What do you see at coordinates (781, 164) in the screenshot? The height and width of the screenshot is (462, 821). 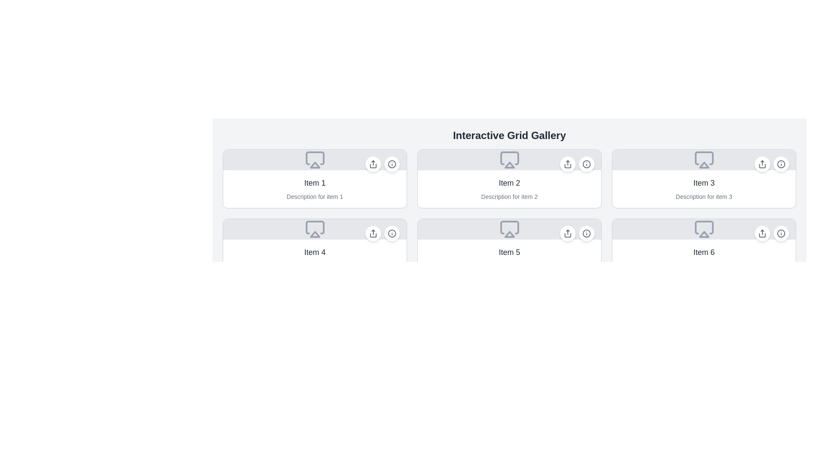 I see `the circular part of the information icon located in Item 3 at the upper-right corner next to the upload button` at bounding box center [781, 164].